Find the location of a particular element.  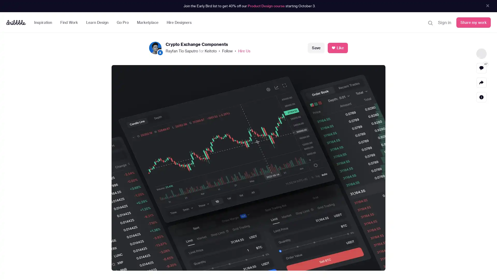

View comments 47 is located at coordinates (481, 68).